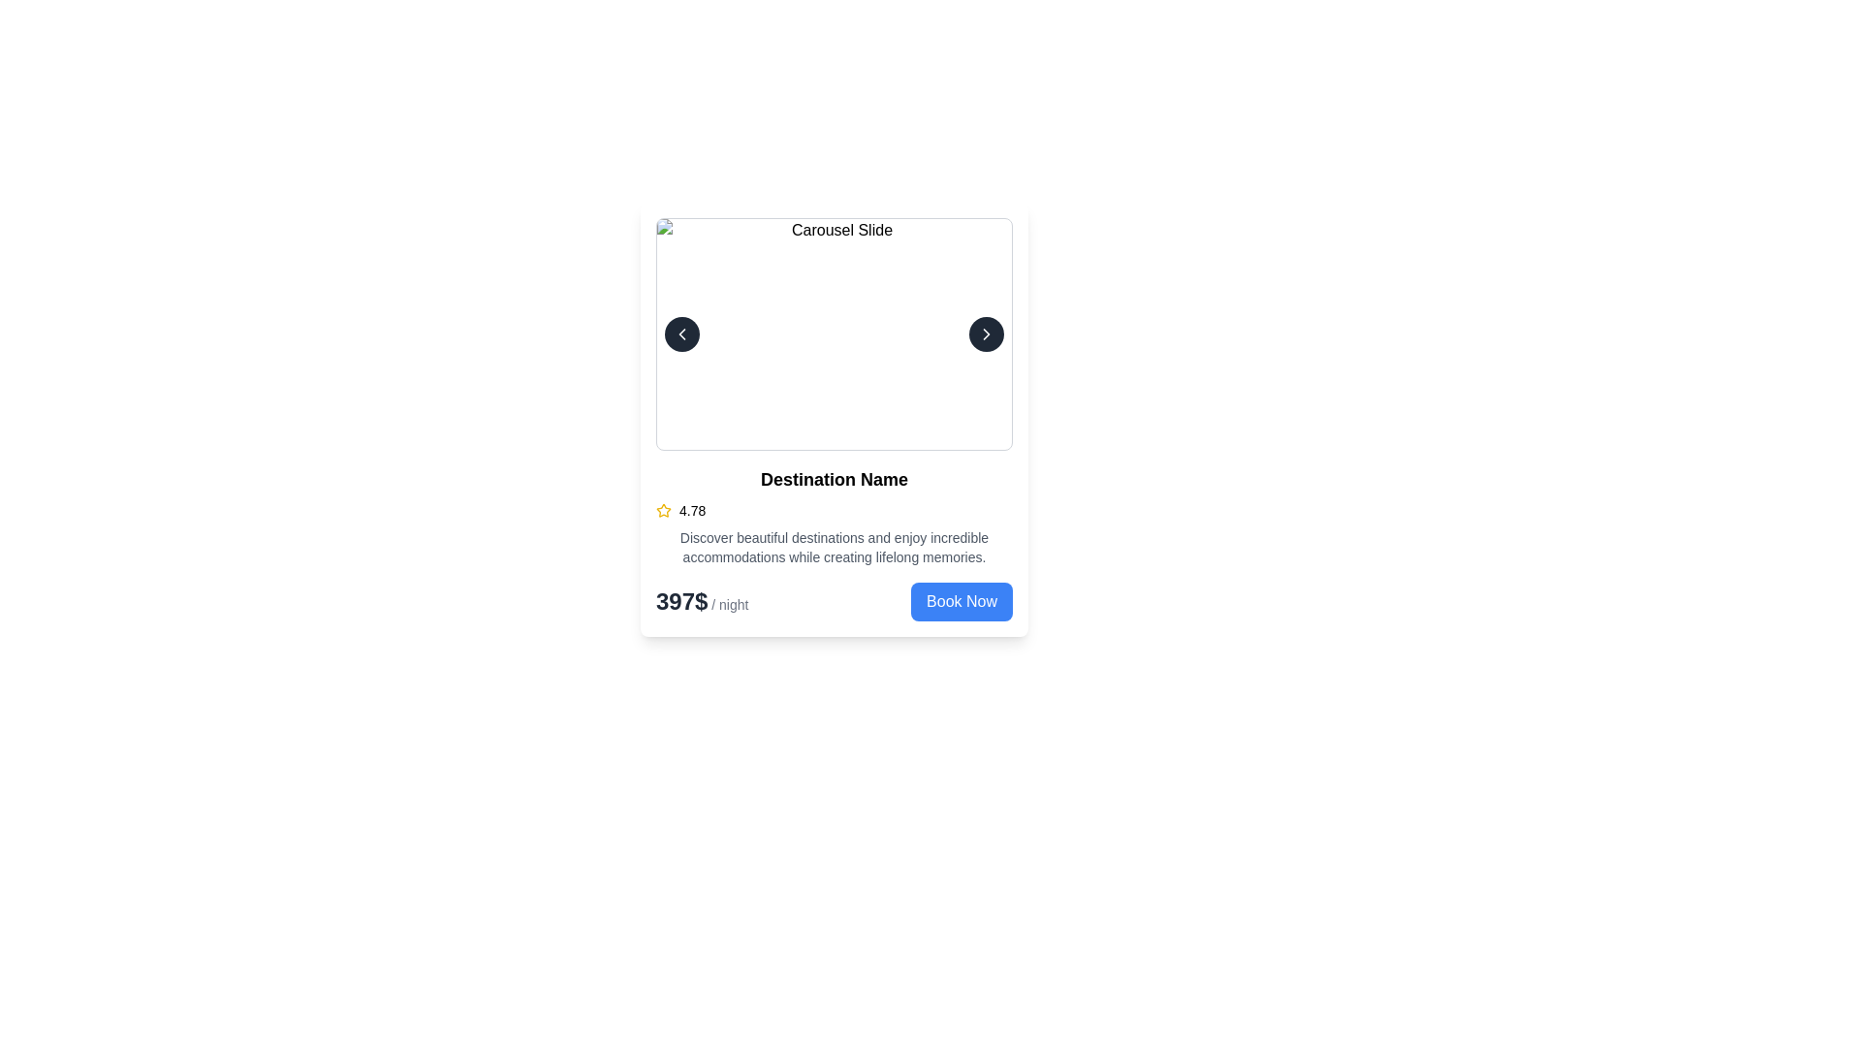 The width and height of the screenshot is (1861, 1047). Describe the element at coordinates (986, 333) in the screenshot. I see `the right-pointing arrow icon, which is white and located inside a circular black button on the right side of the carousel slide area, to receive feedback` at that location.